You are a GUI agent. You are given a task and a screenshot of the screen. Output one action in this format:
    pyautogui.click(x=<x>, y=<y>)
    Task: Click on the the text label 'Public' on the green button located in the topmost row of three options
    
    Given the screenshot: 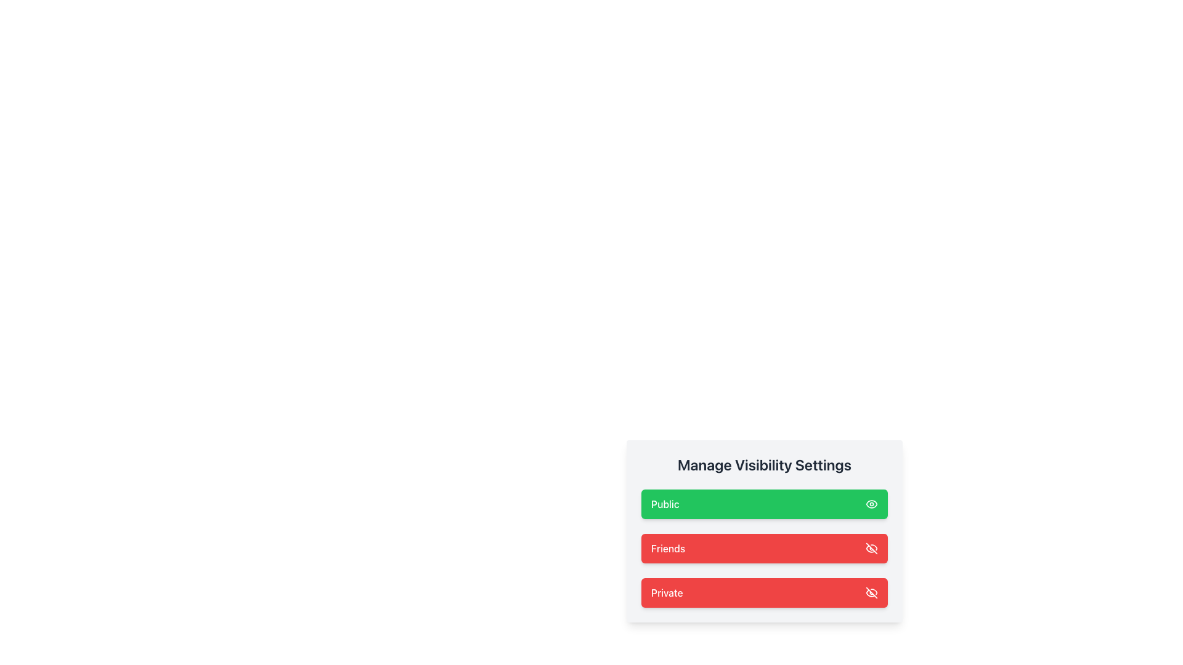 What is the action you would take?
    pyautogui.click(x=664, y=504)
    